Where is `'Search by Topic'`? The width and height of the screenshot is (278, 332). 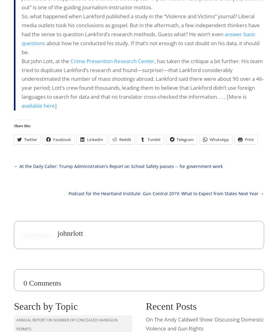 'Search by Topic' is located at coordinates (45, 305).